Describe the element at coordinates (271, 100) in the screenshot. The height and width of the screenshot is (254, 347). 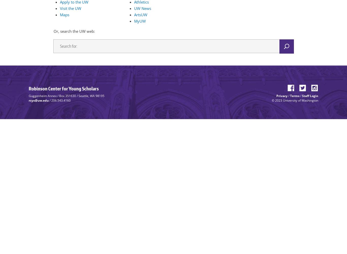
I see `'© 2023 University of Washington'` at that location.